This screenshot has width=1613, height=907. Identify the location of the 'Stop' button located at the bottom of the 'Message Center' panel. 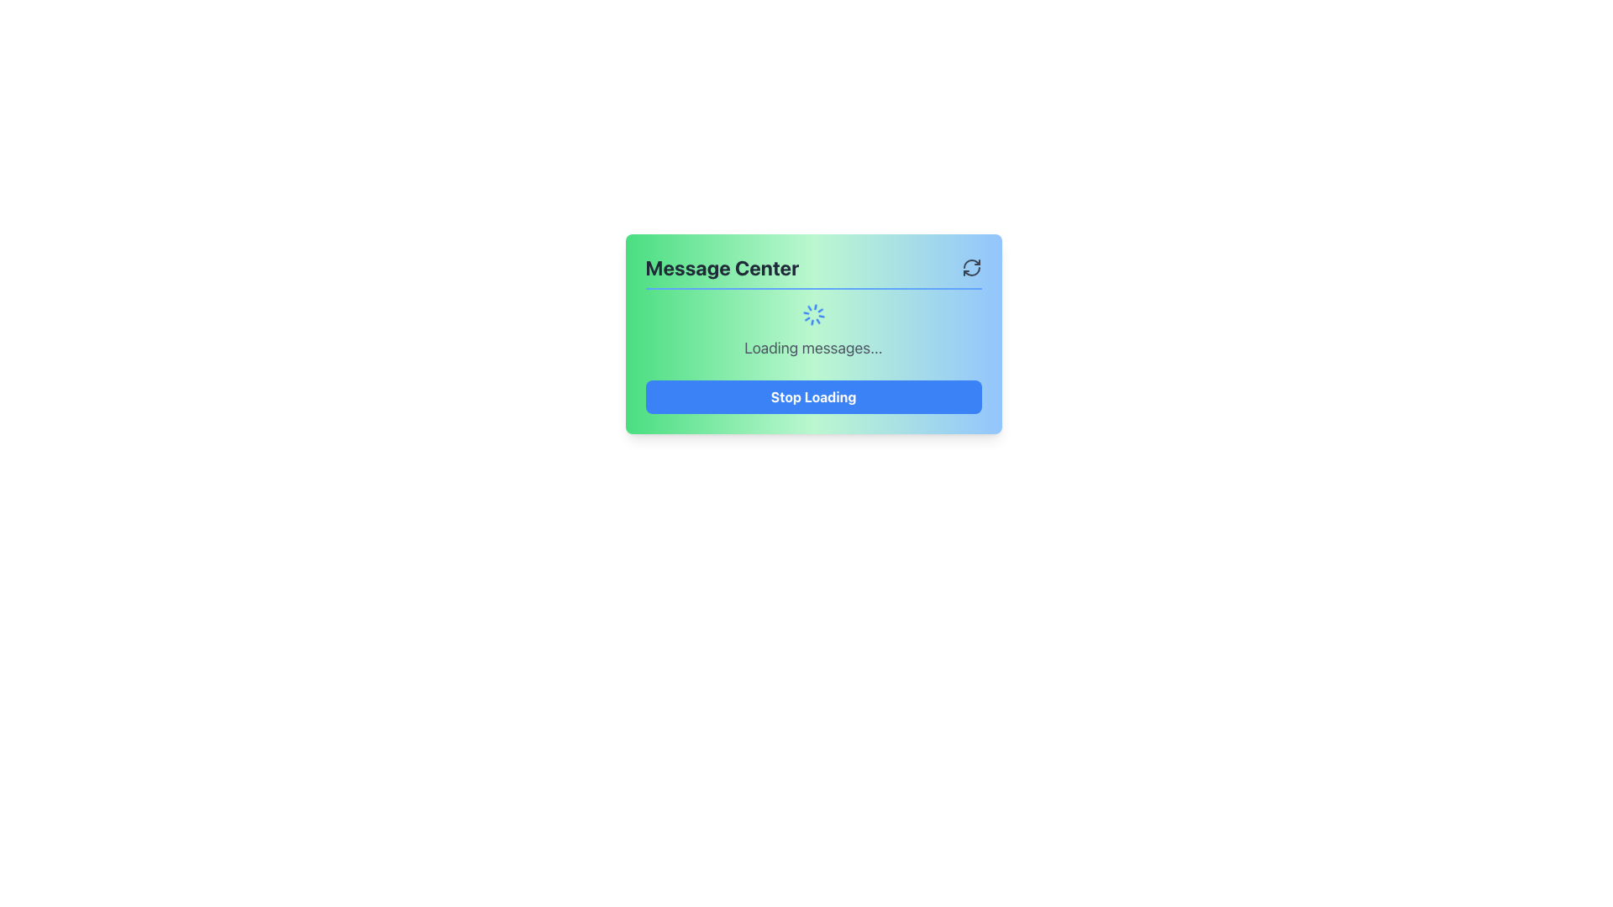
(813, 397).